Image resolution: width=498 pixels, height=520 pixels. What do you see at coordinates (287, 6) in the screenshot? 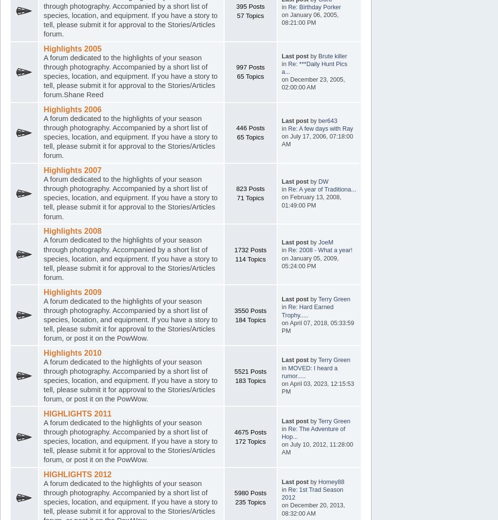
I see `'Re: Birthday Porker'` at bounding box center [287, 6].